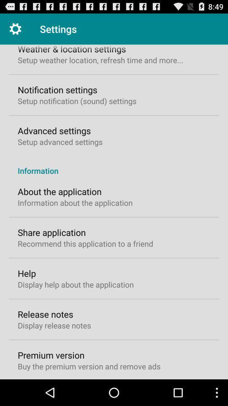  I want to click on item at the bottom, so click(89, 366).